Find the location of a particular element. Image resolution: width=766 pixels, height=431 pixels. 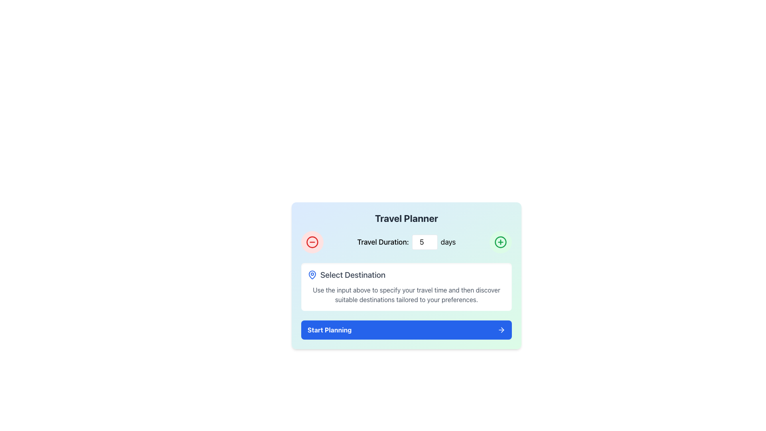

the circular SVG element with a green border and a '+' symbol in the center located at the top-right corner of the 'Travel Planner' card interface is located at coordinates (500, 241).